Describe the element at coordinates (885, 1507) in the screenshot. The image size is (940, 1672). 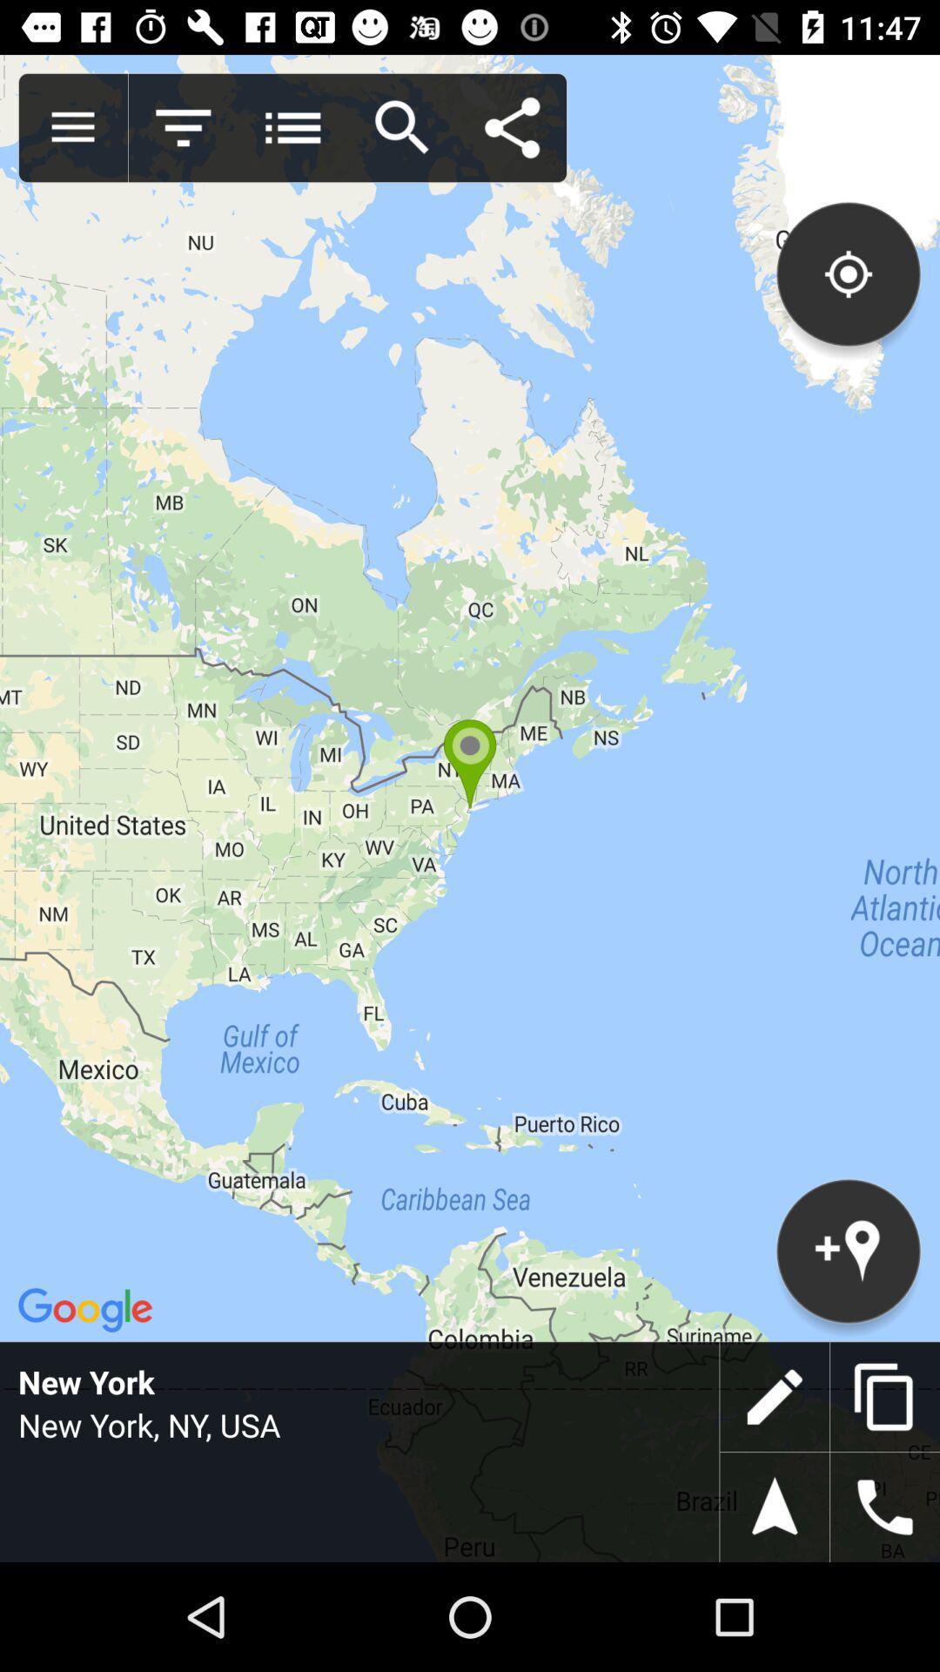
I see `switch to call option` at that location.